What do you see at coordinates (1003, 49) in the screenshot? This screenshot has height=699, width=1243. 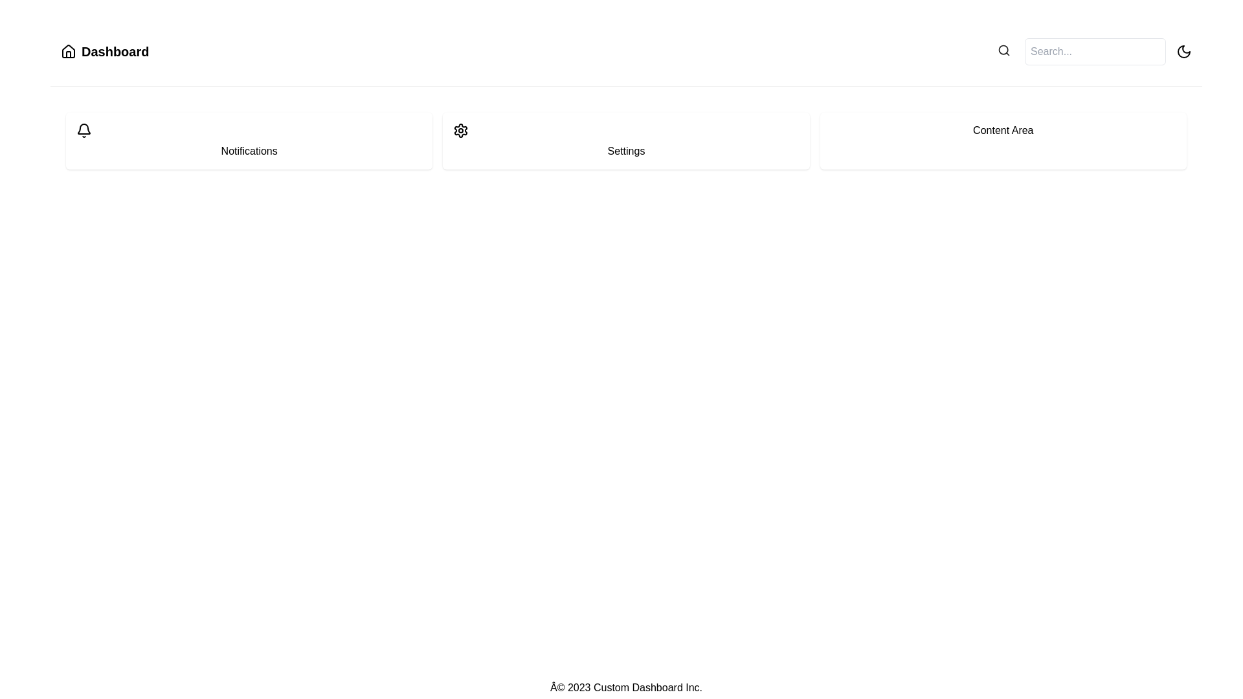 I see `the magnifying glass icon located at the top-right corner of the interface` at bounding box center [1003, 49].